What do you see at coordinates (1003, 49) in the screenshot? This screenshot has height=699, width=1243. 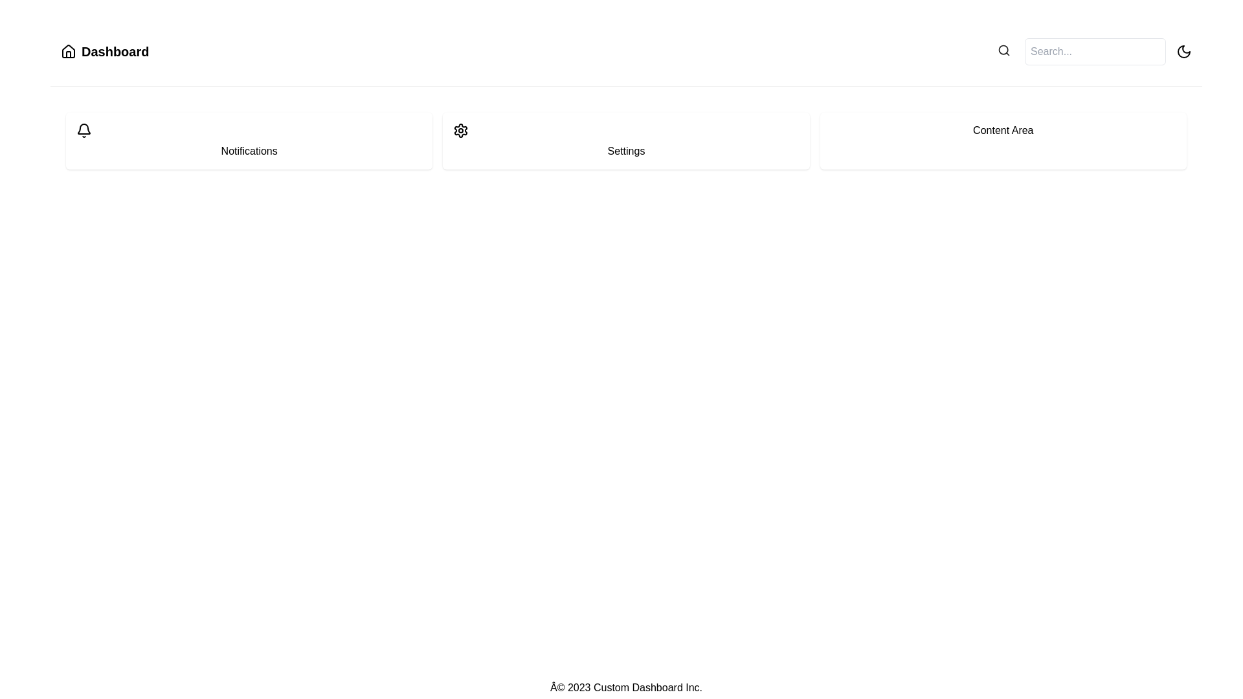 I see `the magnifying glass icon located at the top-right corner of the interface` at bounding box center [1003, 49].